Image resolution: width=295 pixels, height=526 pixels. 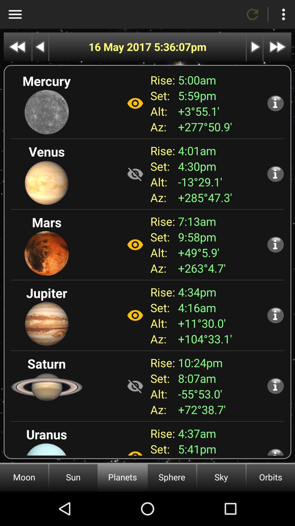 I want to click on next, so click(x=277, y=47).